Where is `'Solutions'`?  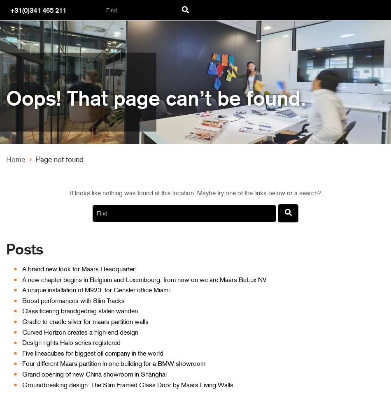 'Solutions' is located at coordinates (35, 282).